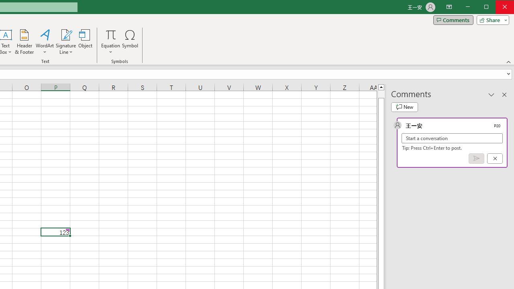 The height and width of the screenshot is (289, 514). I want to click on 'Equation', so click(110, 42).